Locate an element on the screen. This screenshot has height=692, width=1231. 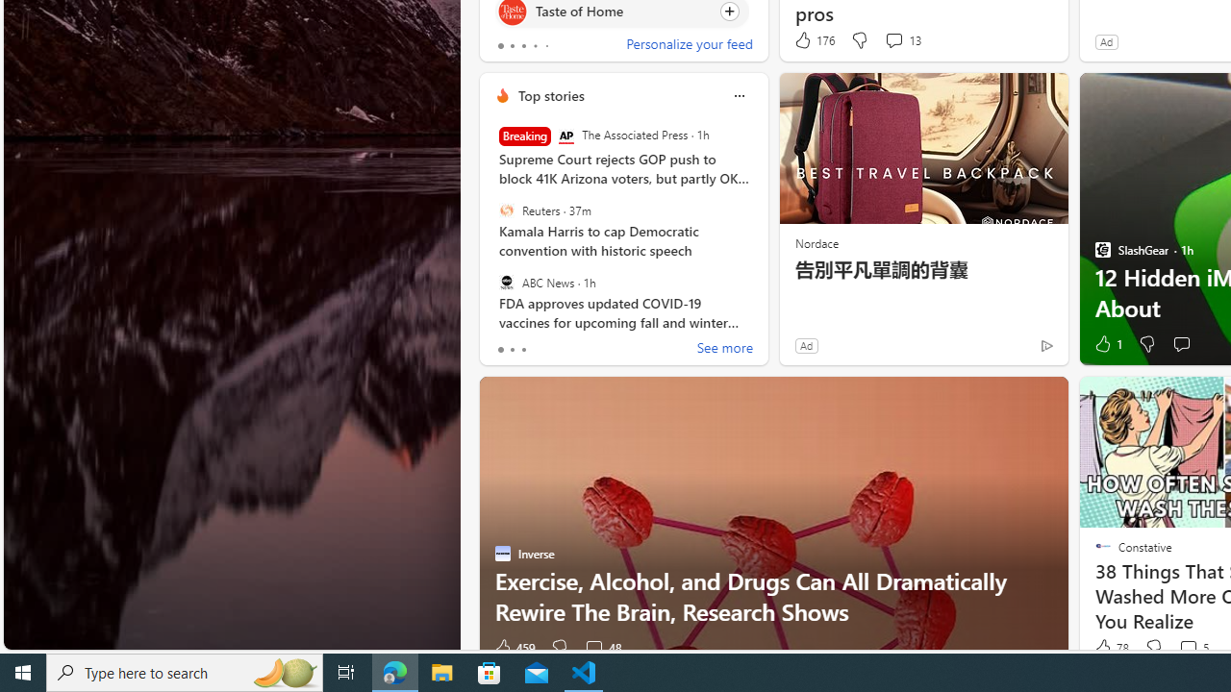
'View comments 48 Comment' is located at coordinates (592, 647).